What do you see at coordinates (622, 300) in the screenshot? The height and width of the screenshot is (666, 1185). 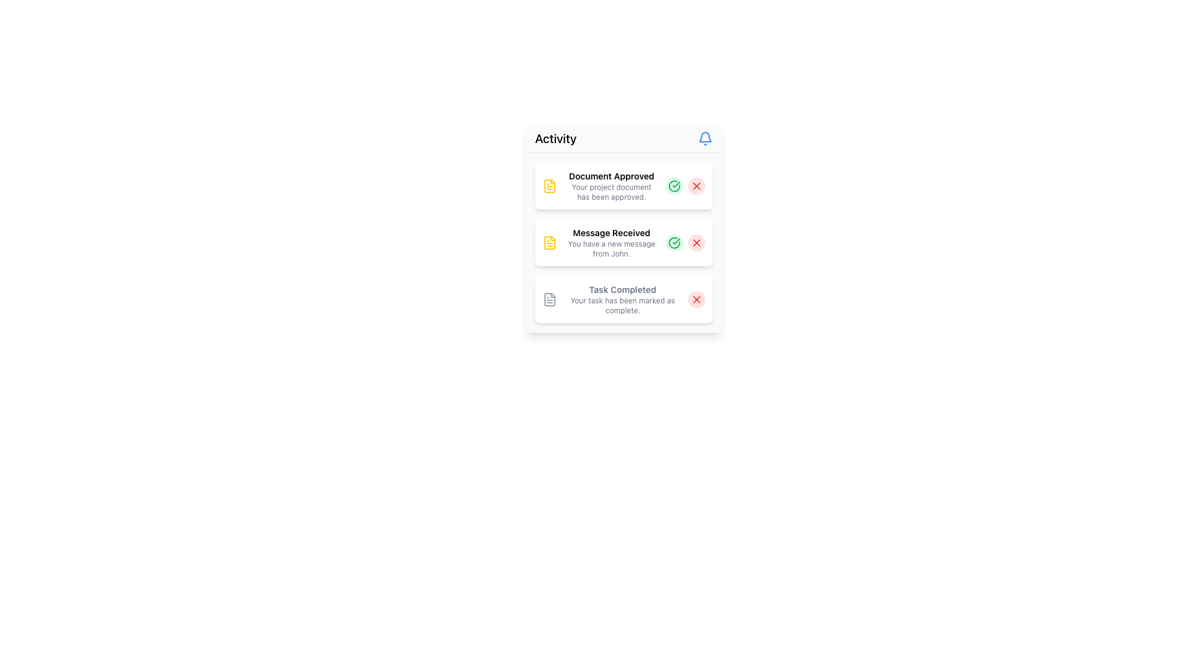 I see `the Text block that serves as a notification message indicating a task completion, located below 'Message Received'` at bounding box center [622, 300].